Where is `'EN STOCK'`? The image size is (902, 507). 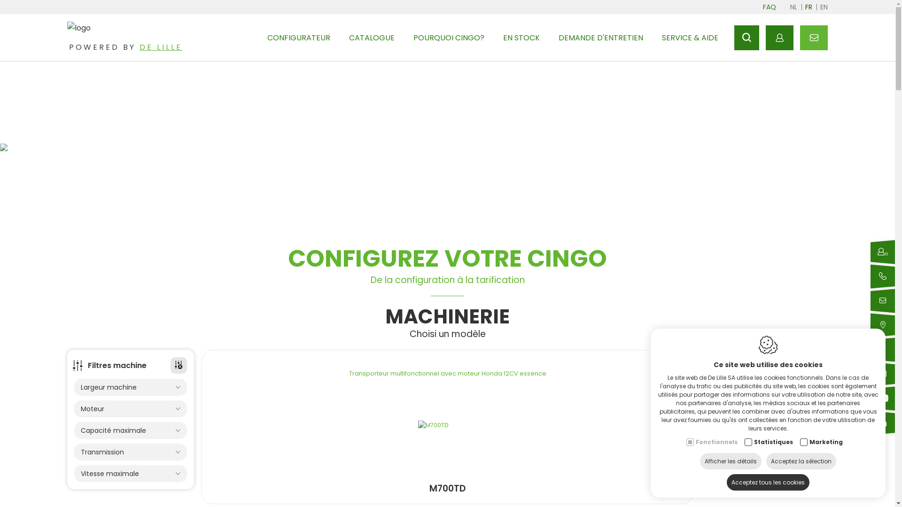
'EN STOCK' is located at coordinates (502, 37).